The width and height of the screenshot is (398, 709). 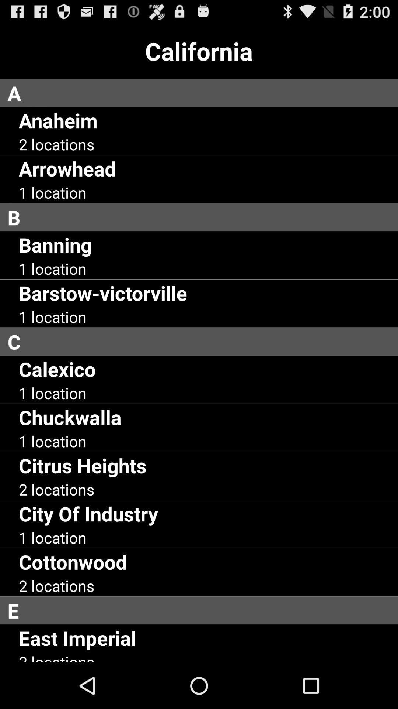 What do you see at coordinates (88, 513) in the screenshot?
I see `item below the 2 locations` at bounding box center [88, 513].